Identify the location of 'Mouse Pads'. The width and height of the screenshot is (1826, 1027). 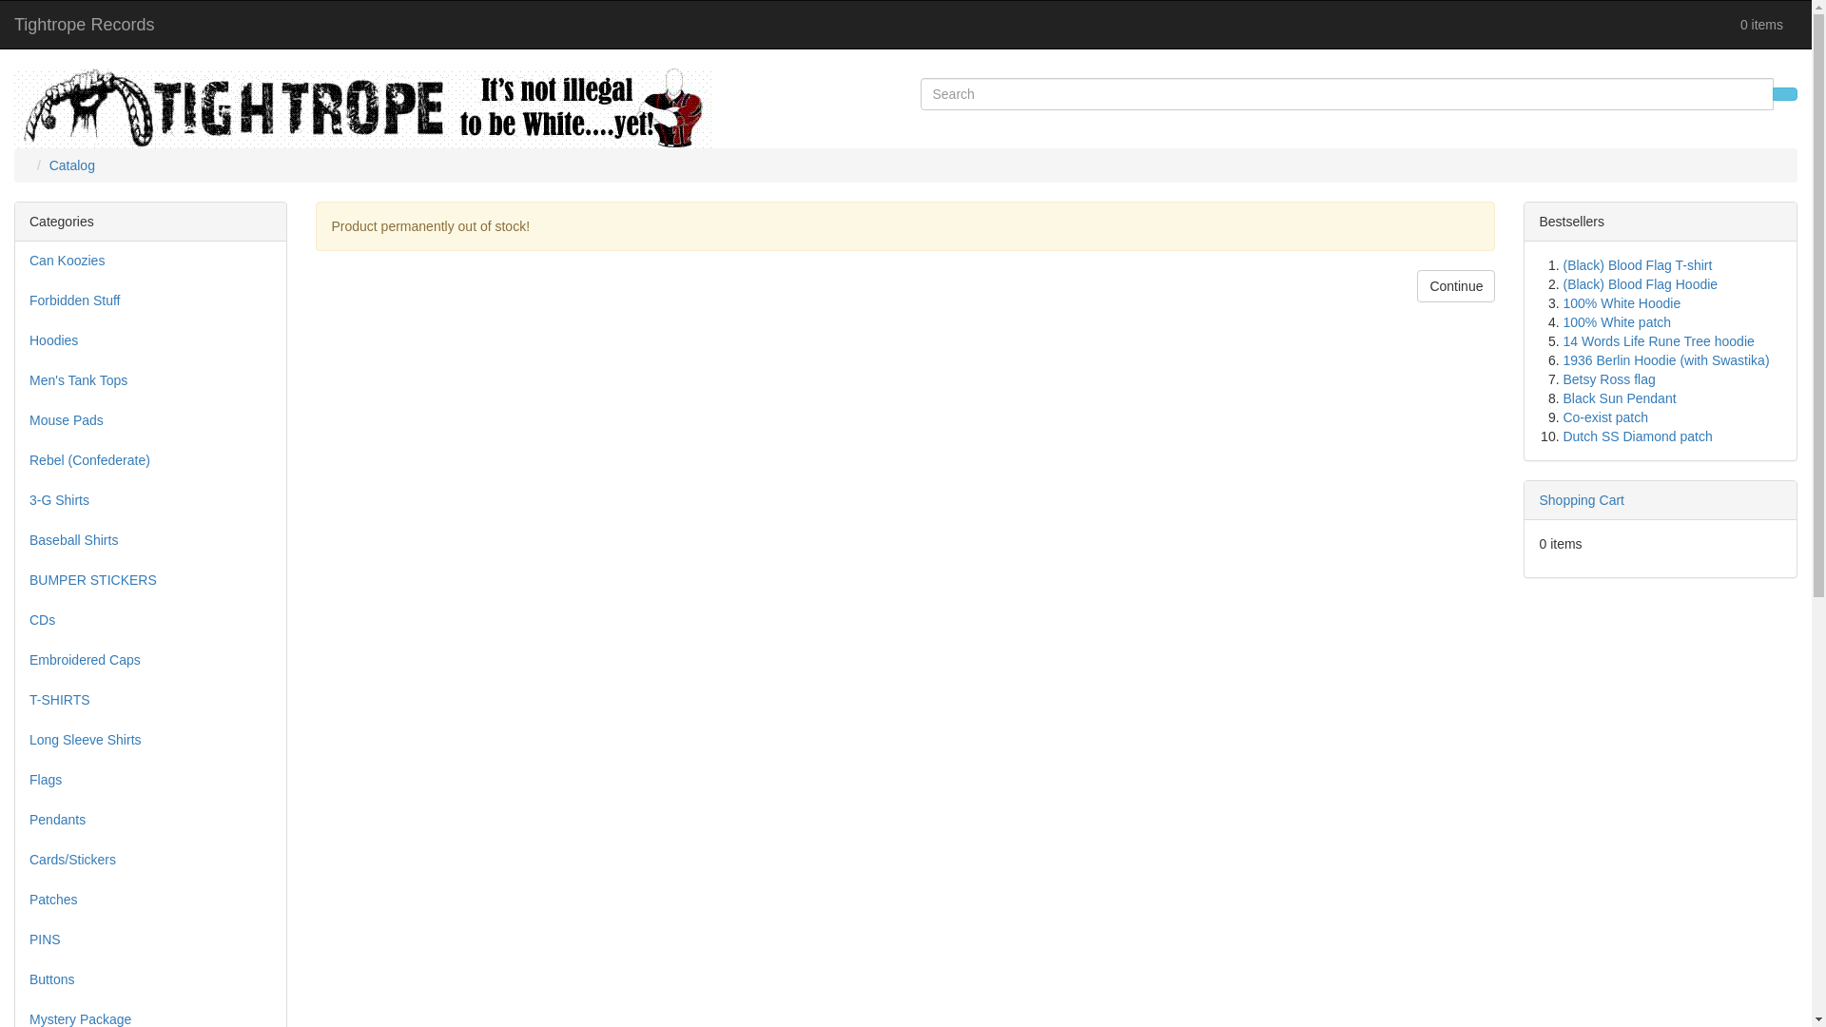
(14, 419).